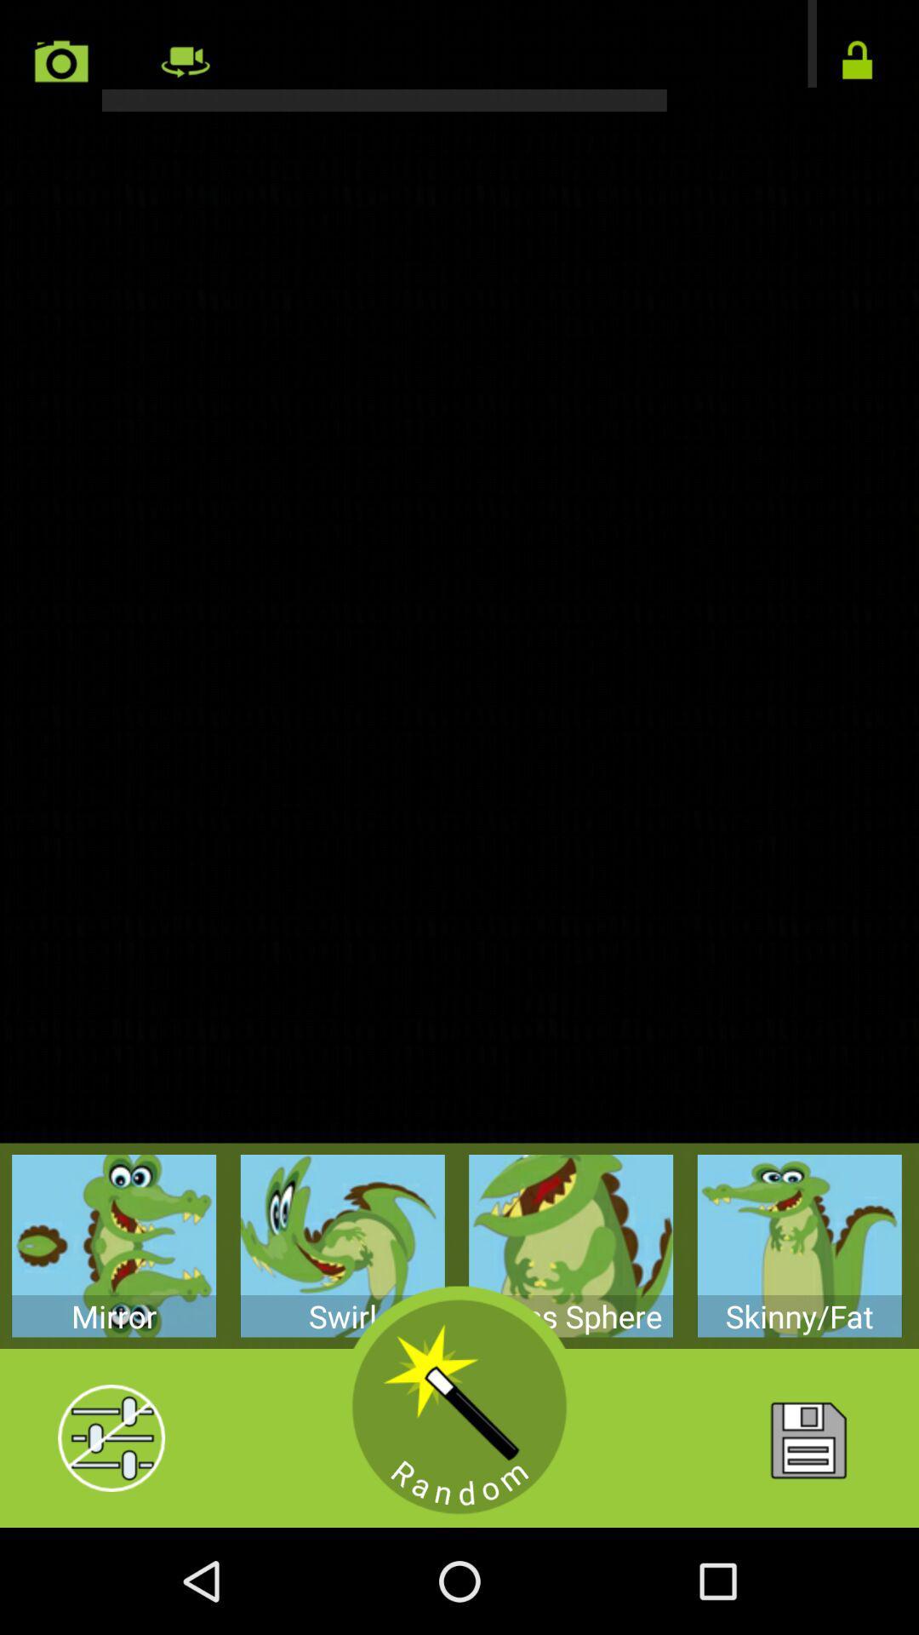  Describe the element at coordinates (857, 61) in the screenshot. I see `autoplay option` at that location.